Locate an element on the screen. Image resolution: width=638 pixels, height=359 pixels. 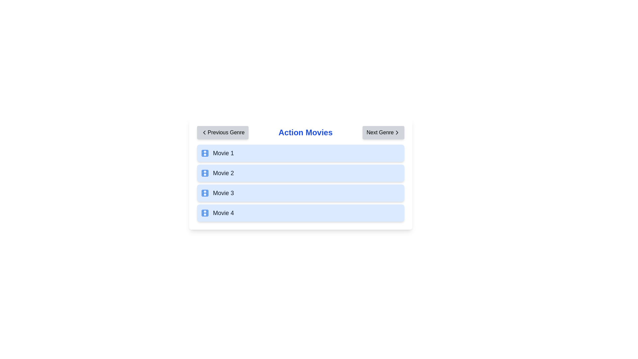
the card representing the movie titled 'Movie 2', which is the second item in a vertical list of four movie cards is located at coordinates (300, 173).